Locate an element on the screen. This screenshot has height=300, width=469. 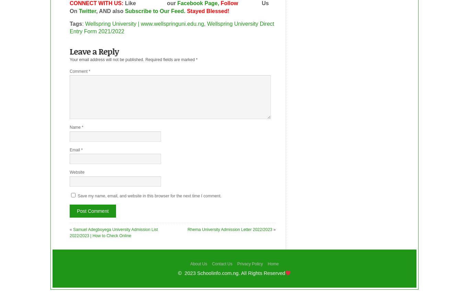
'Wellspring University Direct Entry Form 2021/2022' is located at coordinates (172, 27).